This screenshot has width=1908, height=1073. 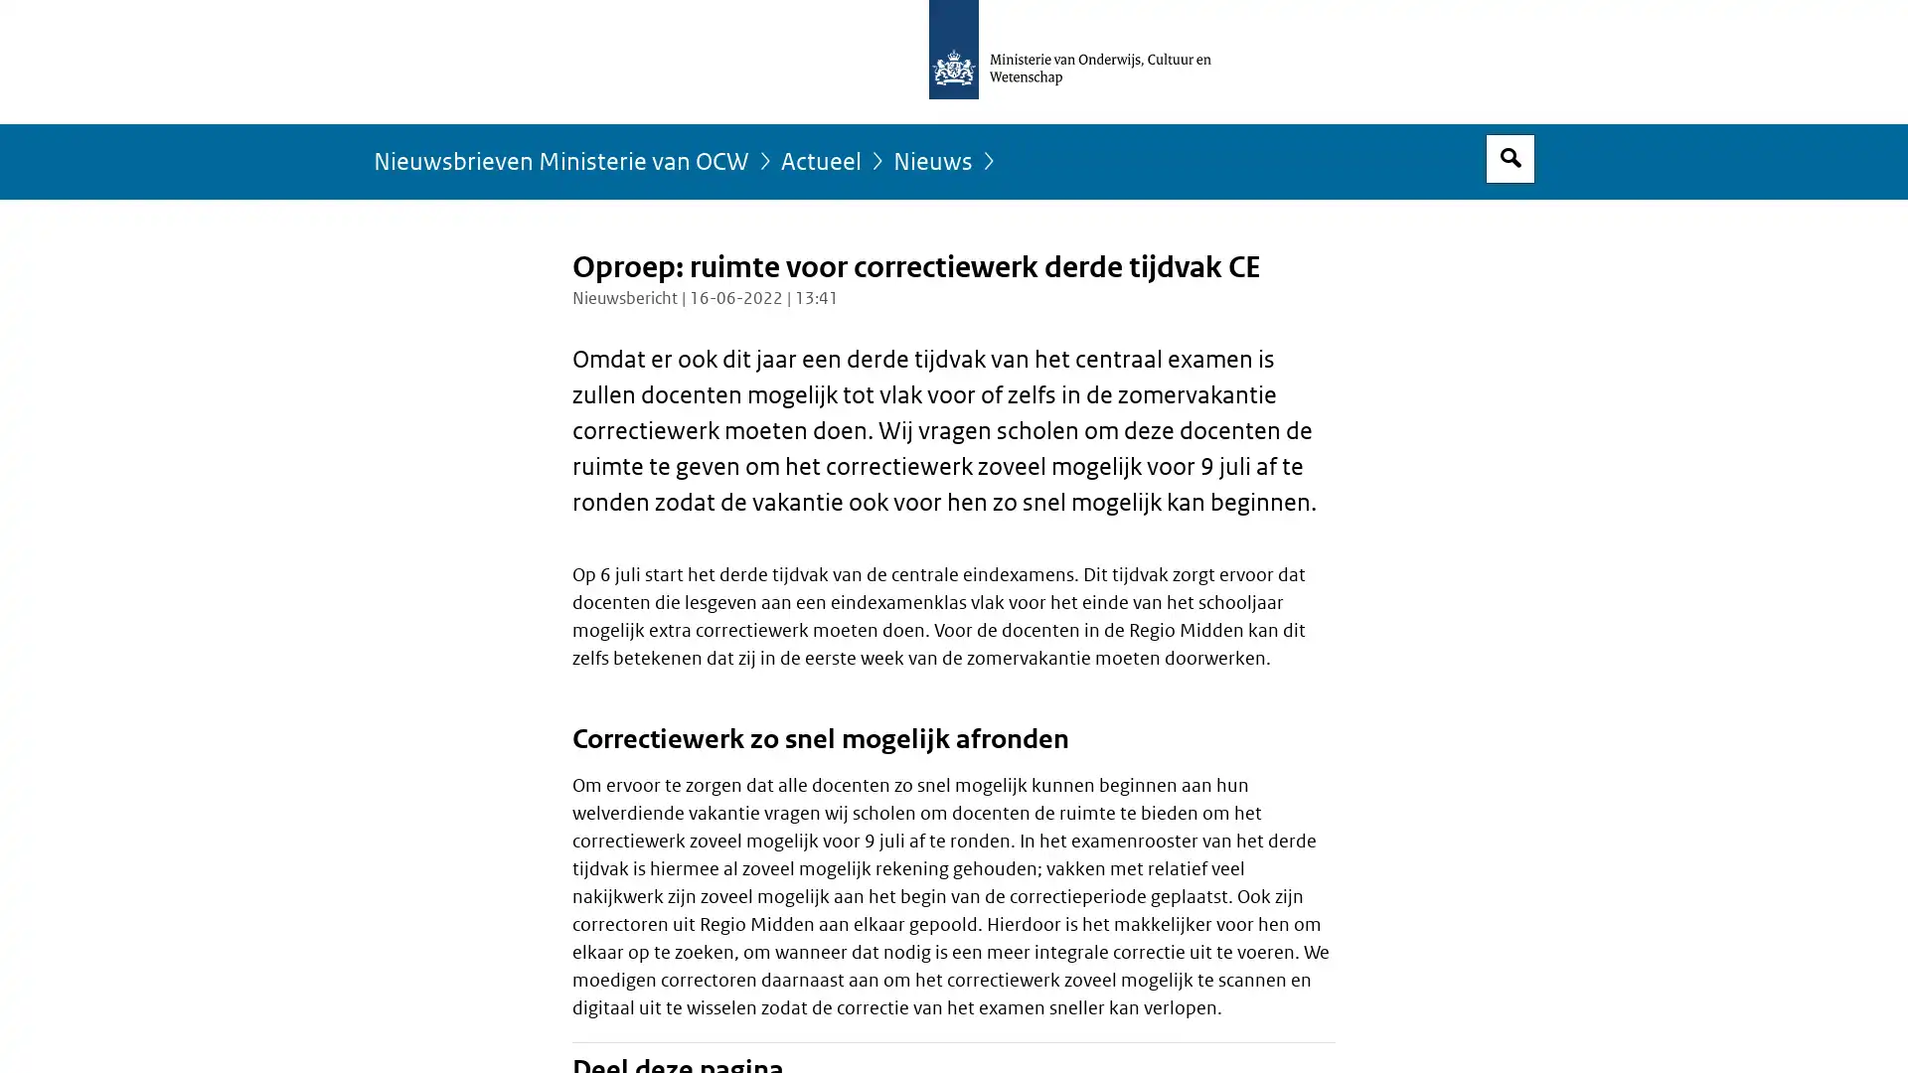 What do you see at coordinates (1510, 157) in the screenshot?
I see `Open zoekveld` at bounding box center [1510, 157].